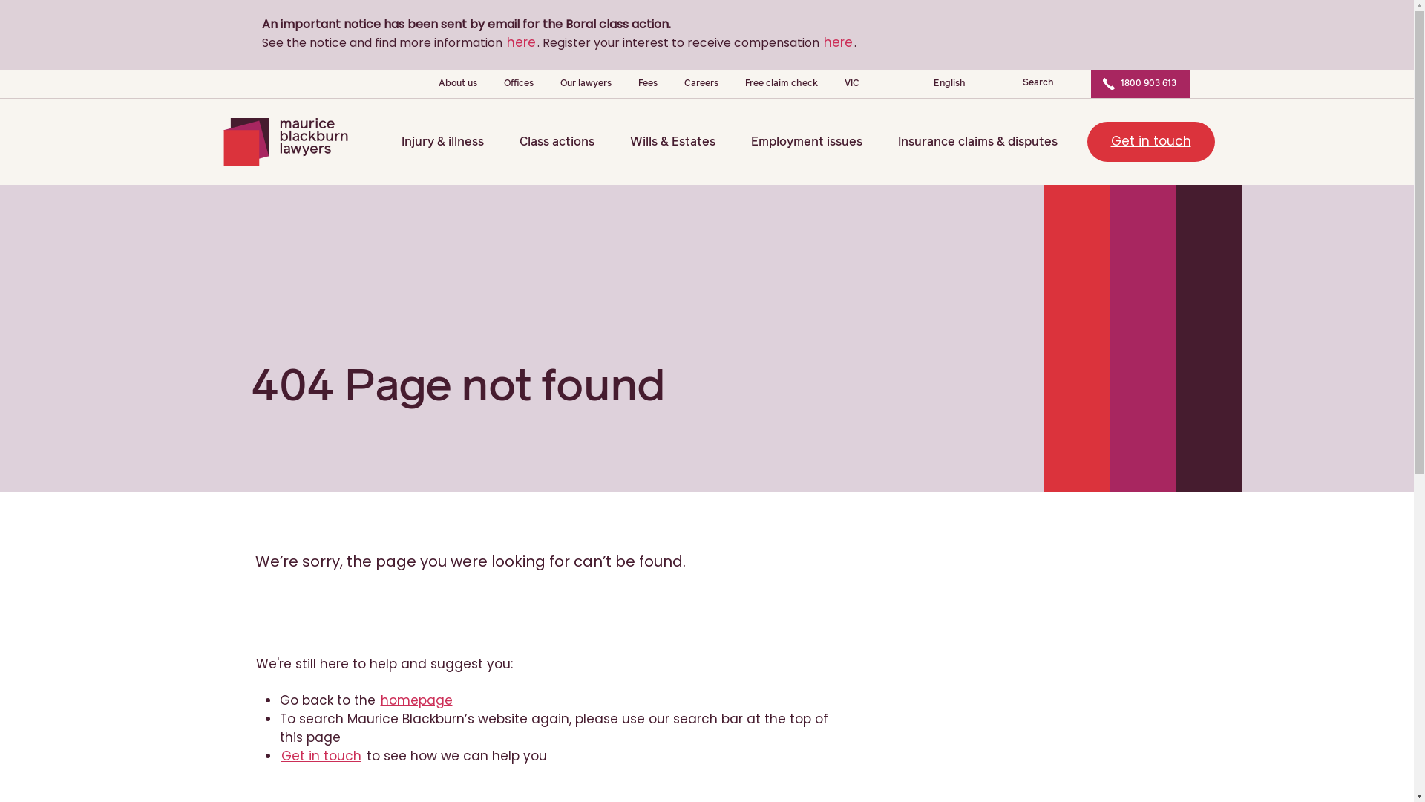  What do you see at coordinates (545, 83) in the screenshot?
I see `'Our lawyers'` at bounding box center [545, 83].